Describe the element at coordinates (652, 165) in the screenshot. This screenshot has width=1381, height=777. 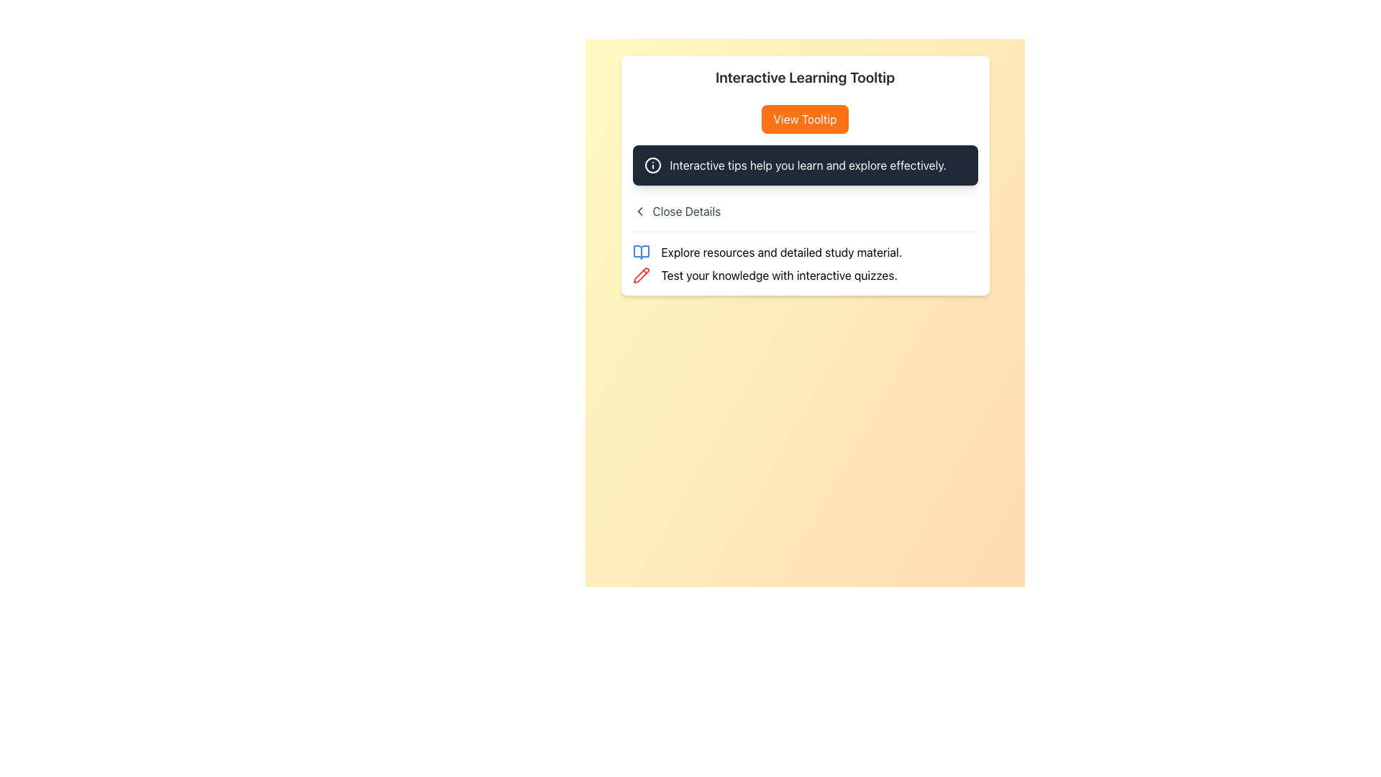
I see `the circular information icon located to the left of the text 'Interactive tips help you learn and explore effectively.' in the tooltip dialog` at that location.